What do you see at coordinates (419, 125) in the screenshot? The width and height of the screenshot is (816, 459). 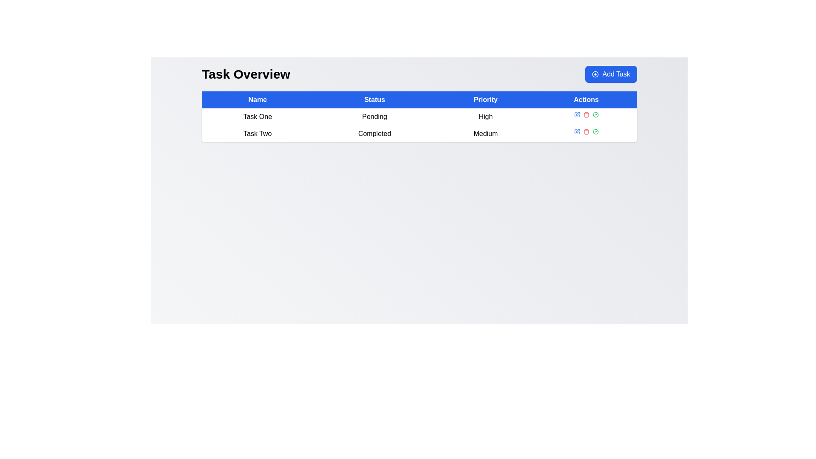 I see `the first data row in the table displaying 'Task OnePendingHigh'` at bounding box center [419, 125].